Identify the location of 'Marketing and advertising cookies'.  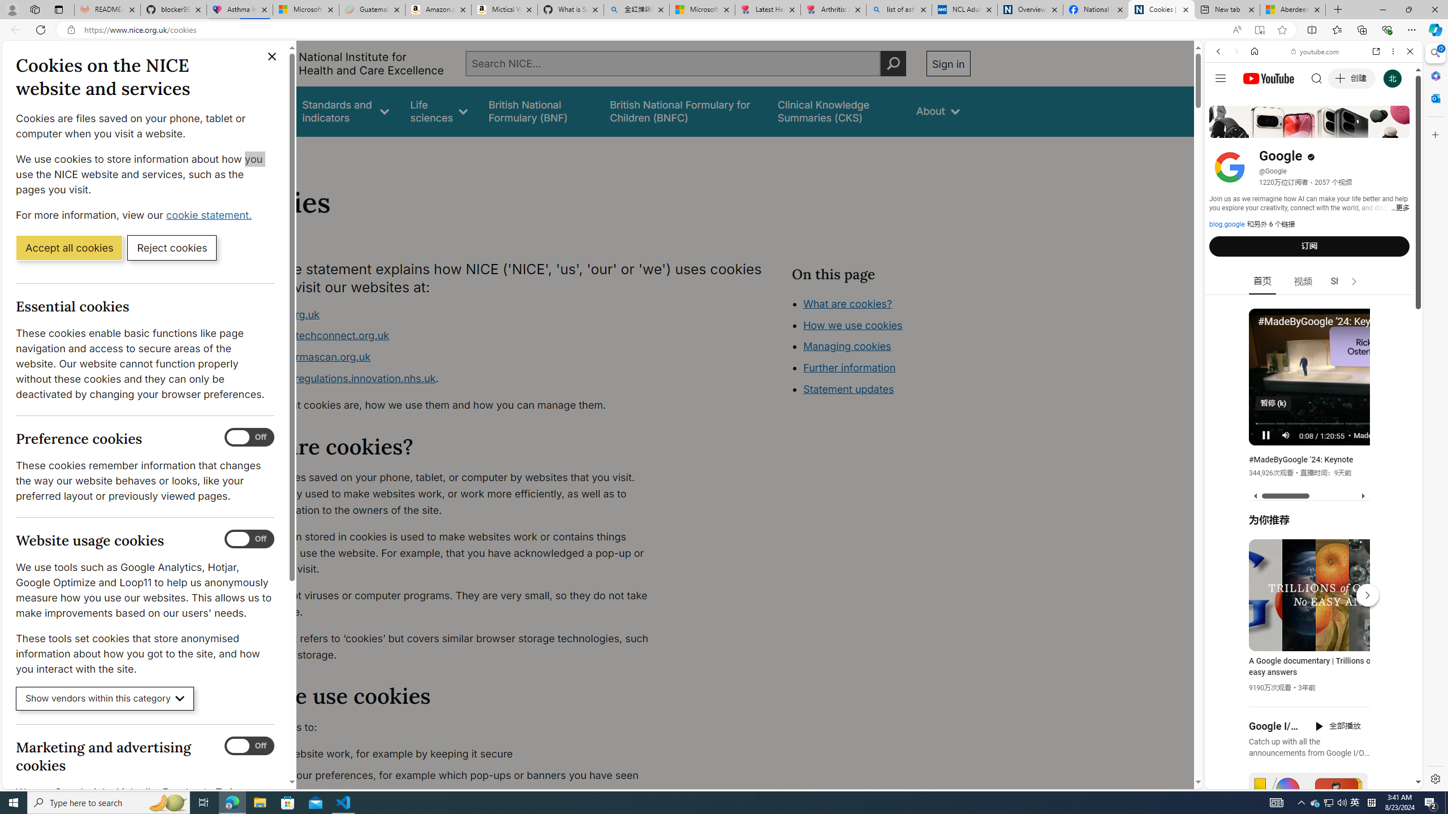
(249, 746).